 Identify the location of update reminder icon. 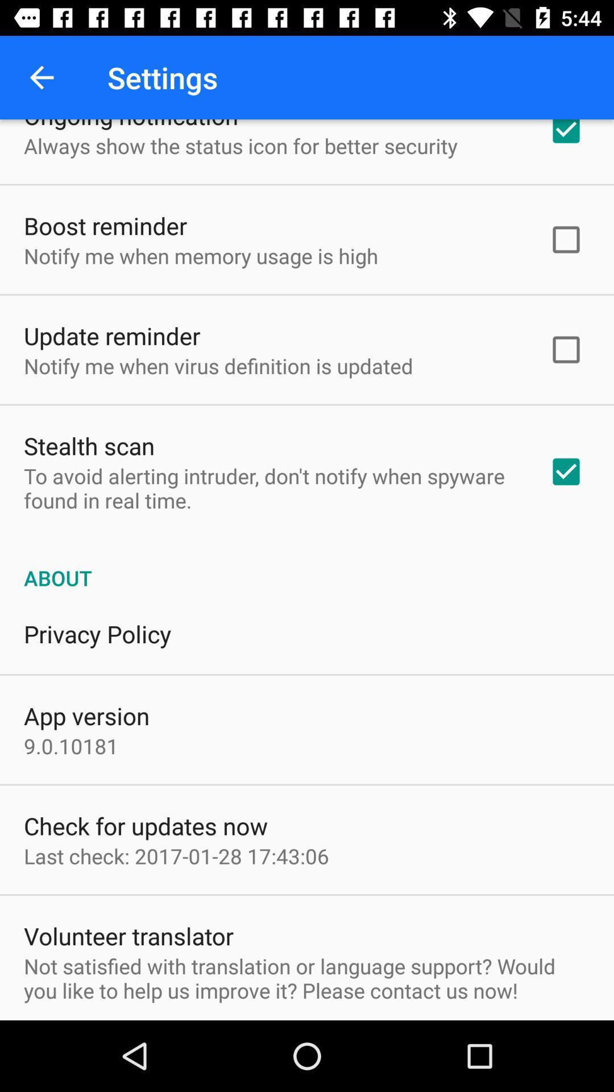
(112, 335).